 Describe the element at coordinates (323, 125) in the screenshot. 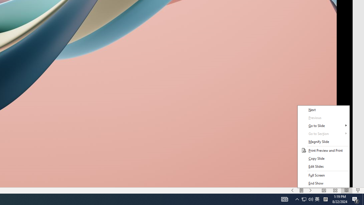

I see `'Go to Slide'` at that location.